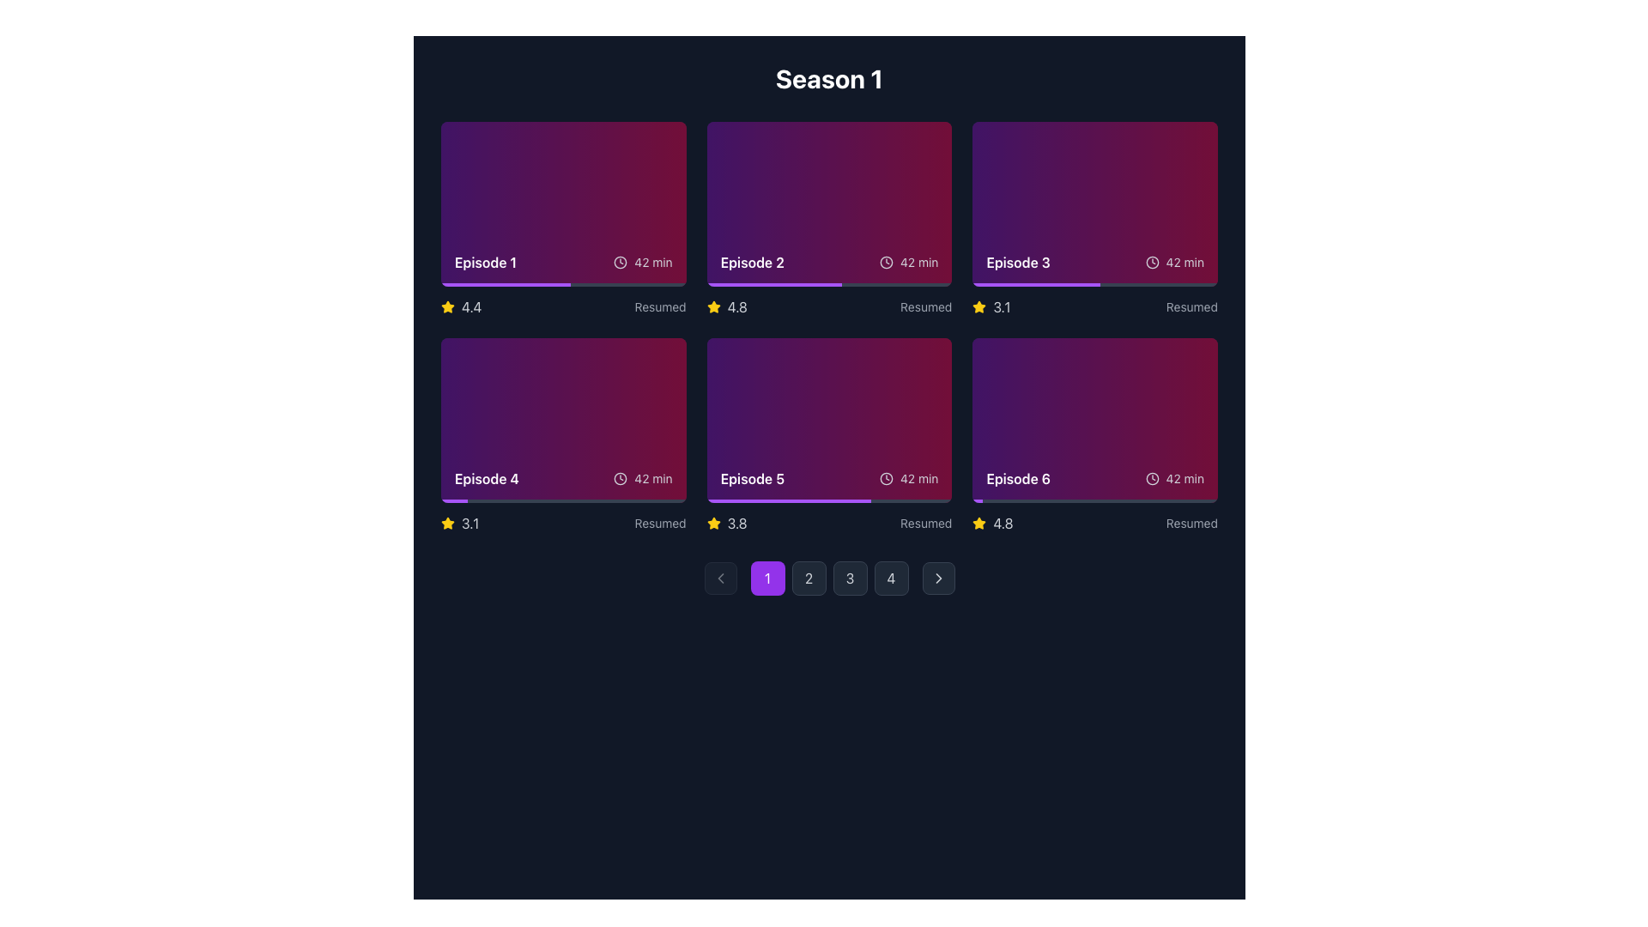 This screenshot has width=1648, height=927. What do you see at coordinates (829, 79) in the screenshot?
I see `the heading element indicating 'Season 1', which is centrally positioned at the top of the interface above the episode grid` at bounding box center [829, 79].